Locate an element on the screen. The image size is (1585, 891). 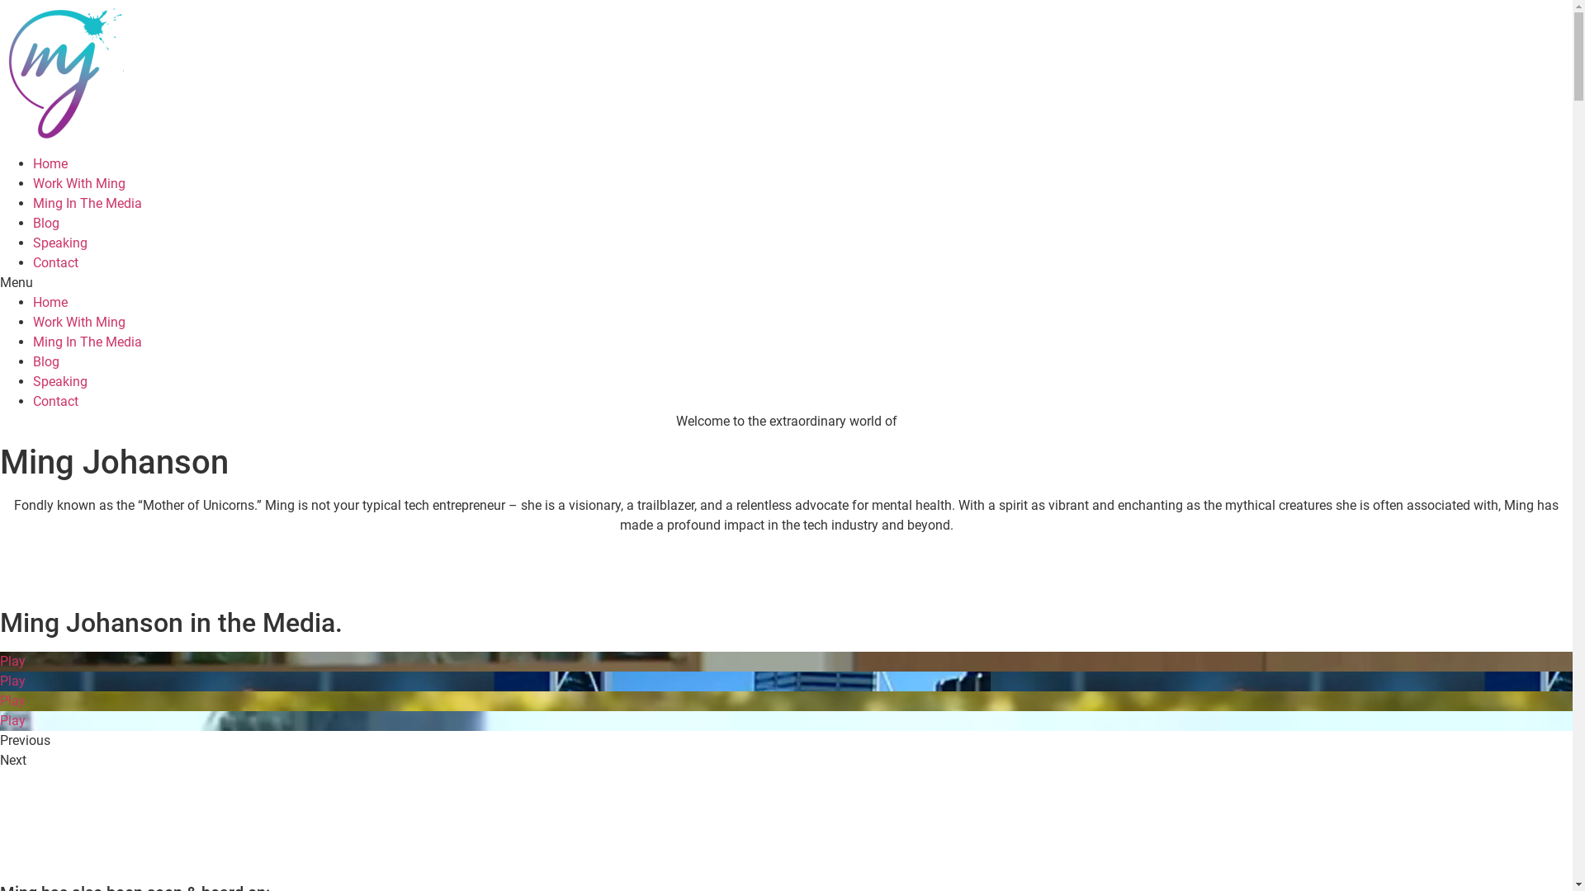
'Contact' is located at coordinates (55, 262).